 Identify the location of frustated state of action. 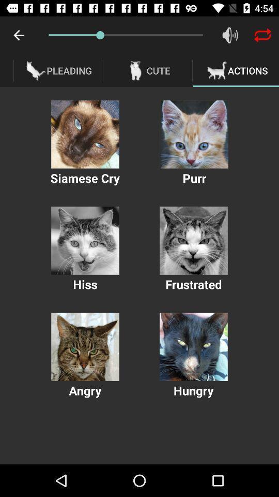
(193, 241).